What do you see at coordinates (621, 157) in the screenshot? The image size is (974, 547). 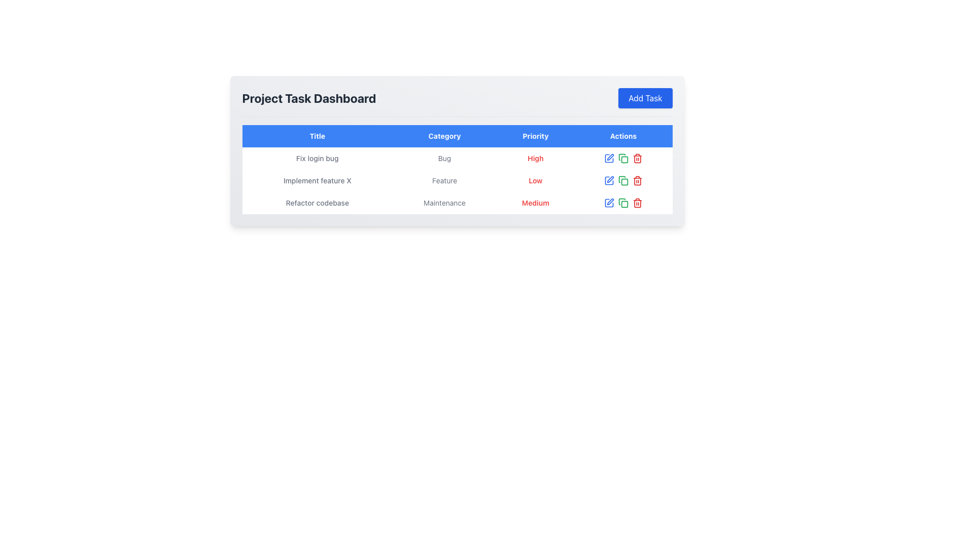 I see `the green duplicate action icon in the second row of the 'Actions' column` at bounding box center [621, 157].